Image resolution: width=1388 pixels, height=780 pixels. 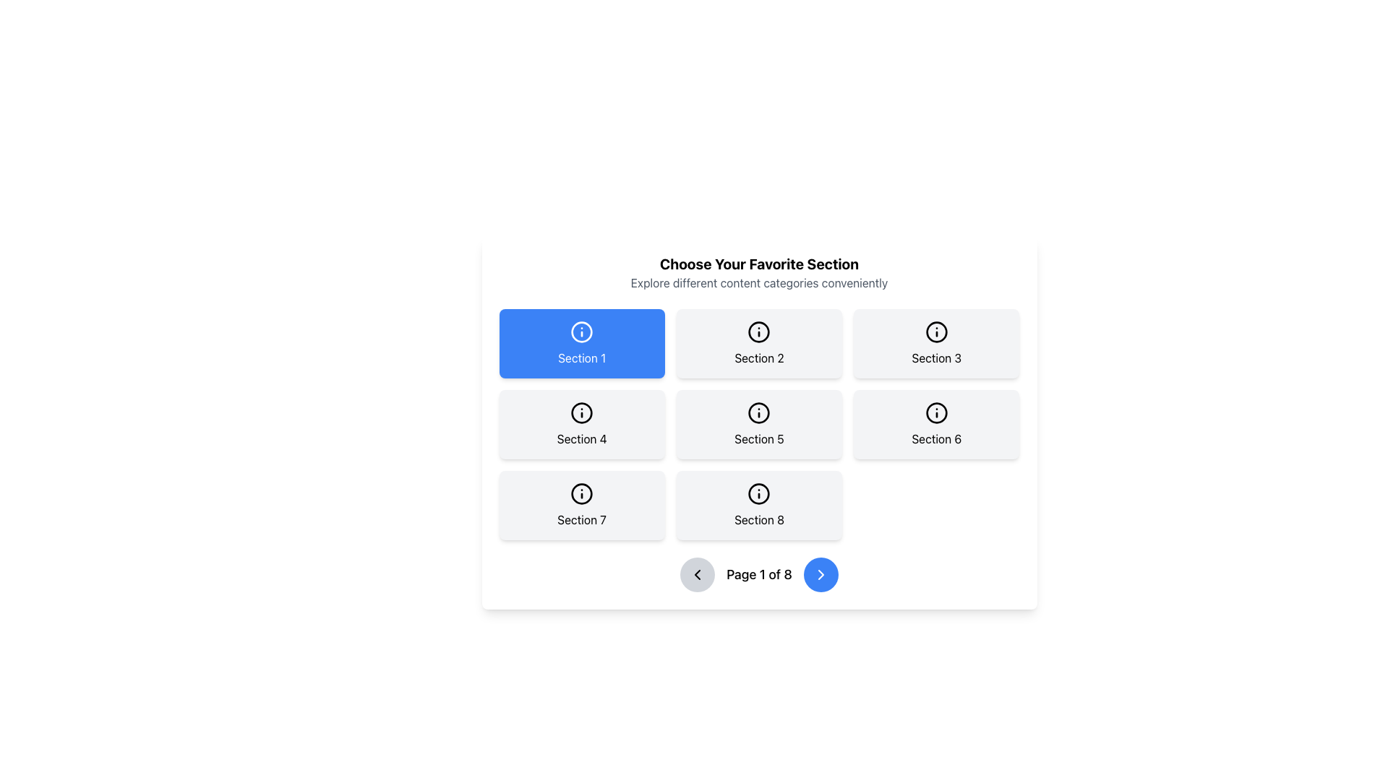 I want to click on the seventh button in the bottom-left corner of the grid layout, so click(x=582, y=504).